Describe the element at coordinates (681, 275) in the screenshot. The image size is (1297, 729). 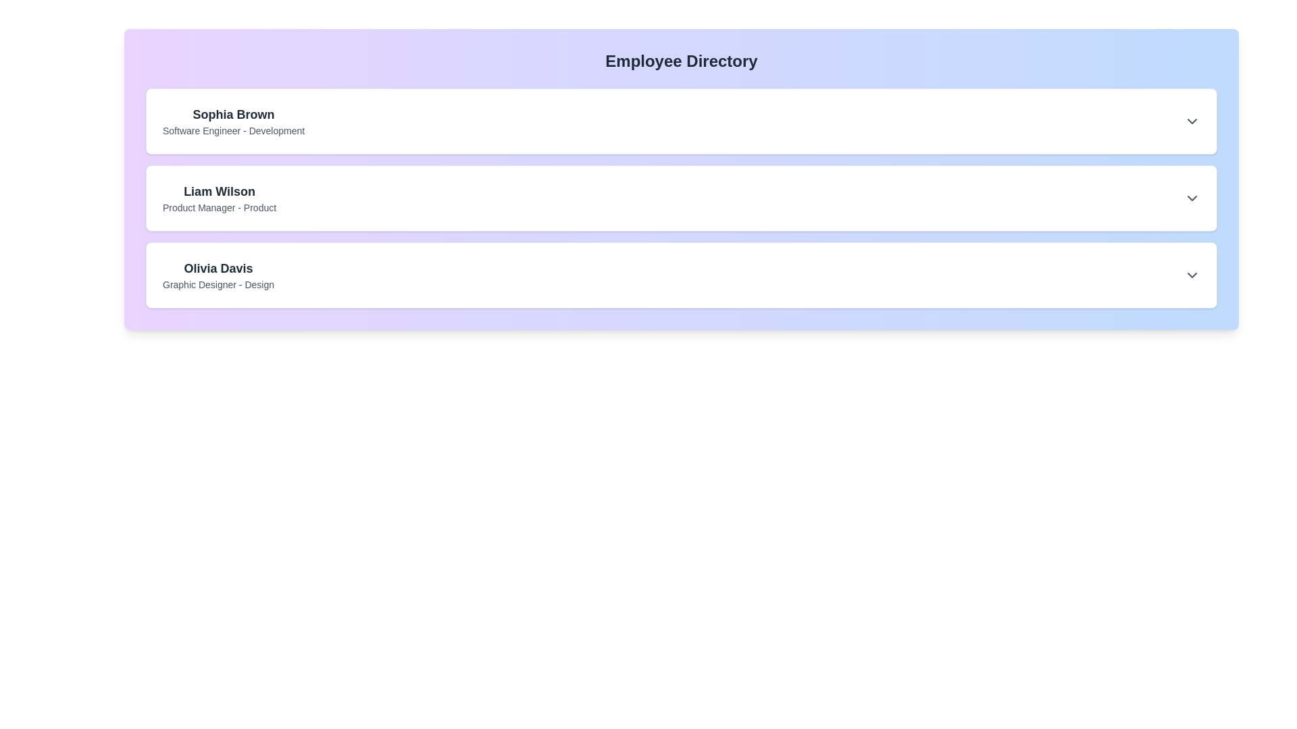
I see `the dropdown arrow on the Card displaying the name and role of an individual in the directory` at that location.